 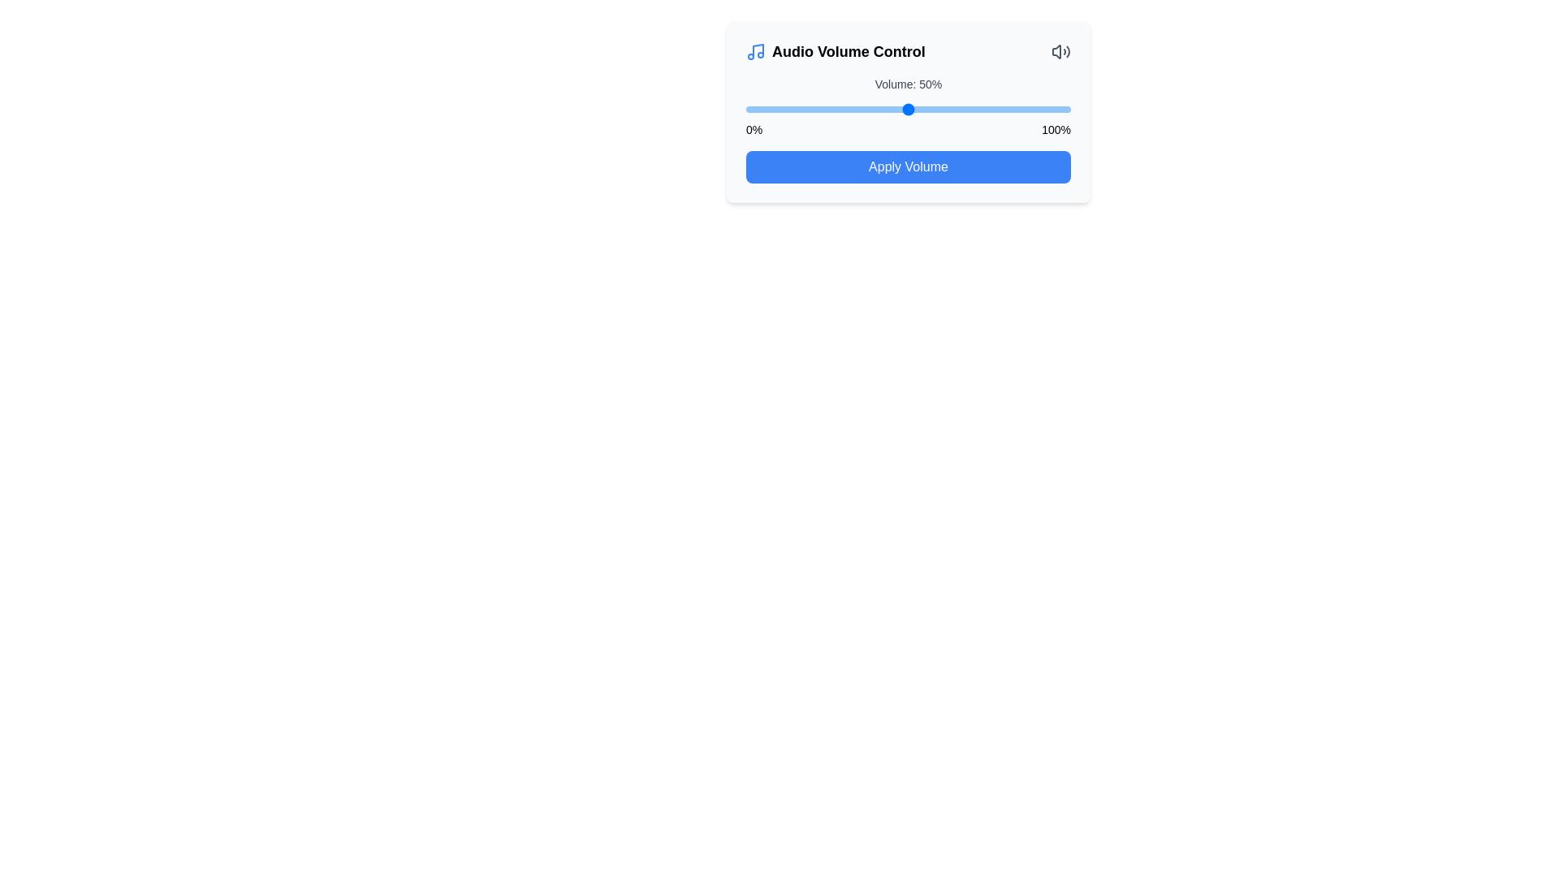 I want to click on the volume level, so click(x=1015, y=110).